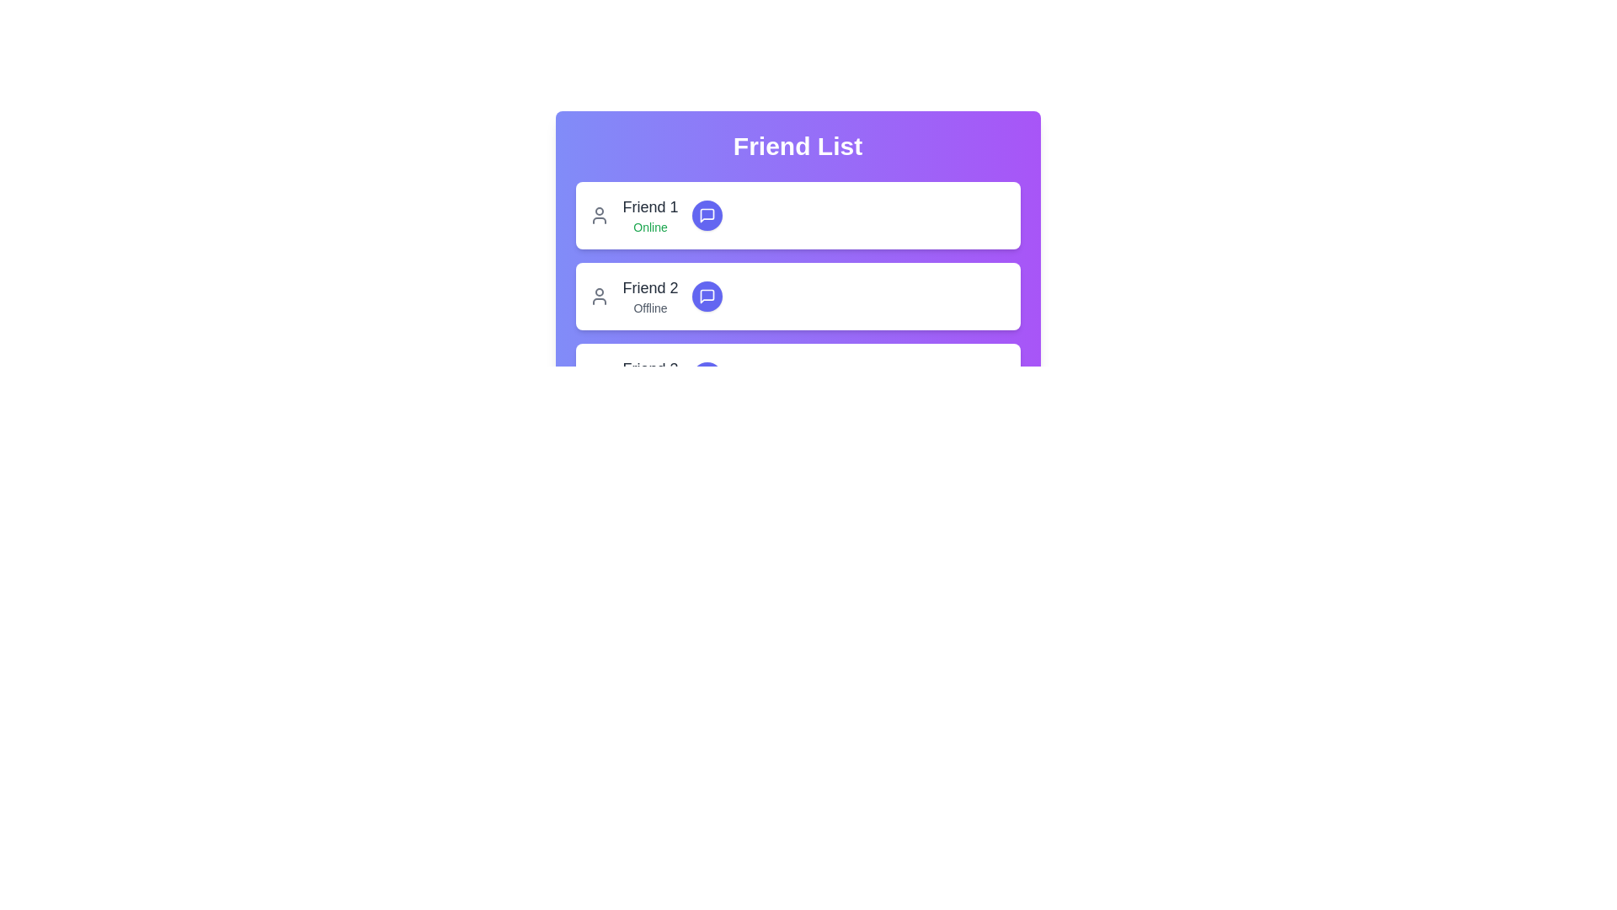 This screenshot has height=910, width=1617. I want to click on the Status label indicating the online status of 'Friend 1', located beneath the text 'Friend 1' in the friend list, so click(649, 227).